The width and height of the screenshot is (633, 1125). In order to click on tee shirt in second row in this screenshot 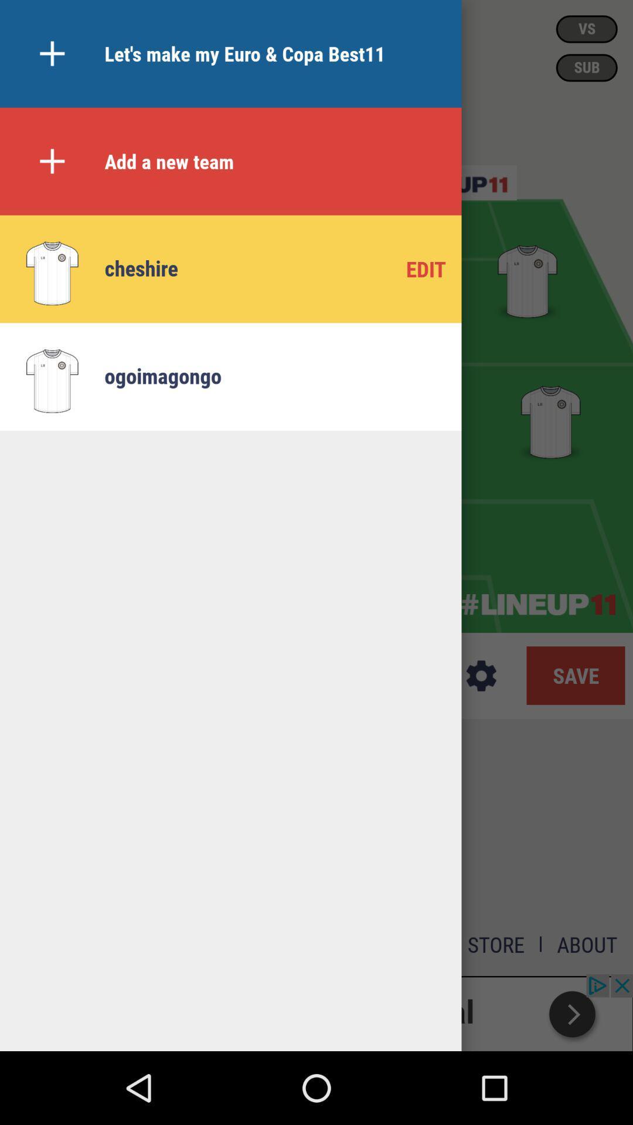, I will do `click(551, 420)`.